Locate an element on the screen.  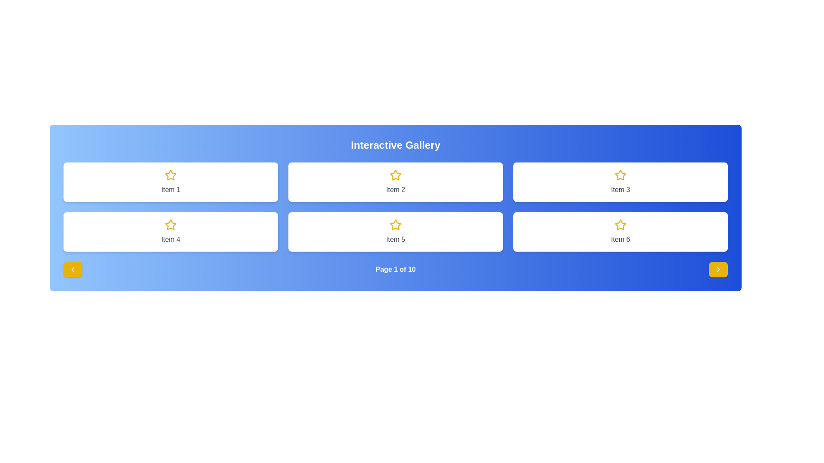
the text label displaying 'Item 5', which is located below the yellow star icon in the center column of the second row of the interactive gallery layout is located at coordinates (395, 240).